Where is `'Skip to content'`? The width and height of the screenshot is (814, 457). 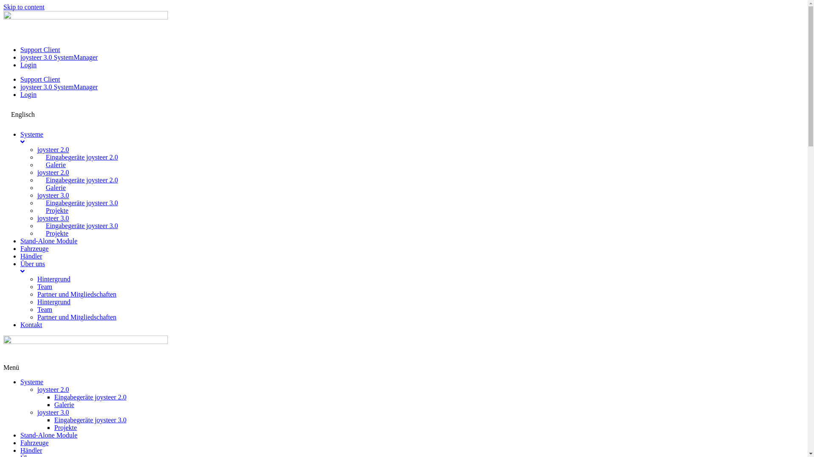
'Skip to content' is located at coordinates (24, 7).